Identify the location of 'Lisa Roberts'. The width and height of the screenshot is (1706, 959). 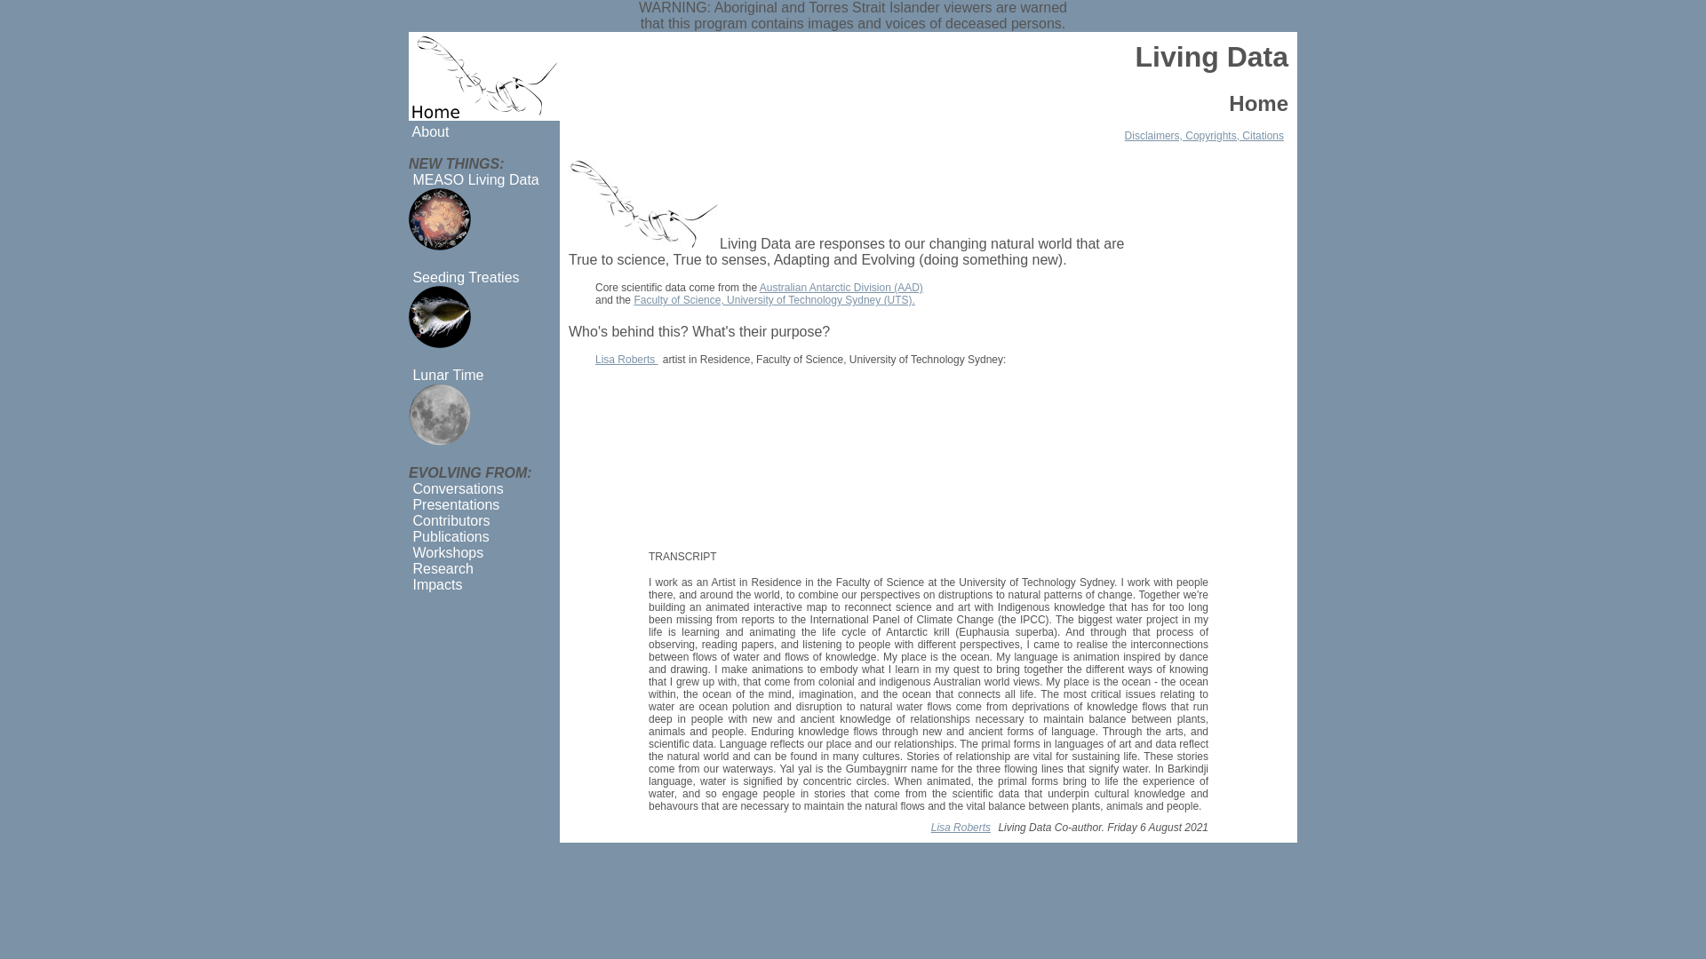
(629, 360).